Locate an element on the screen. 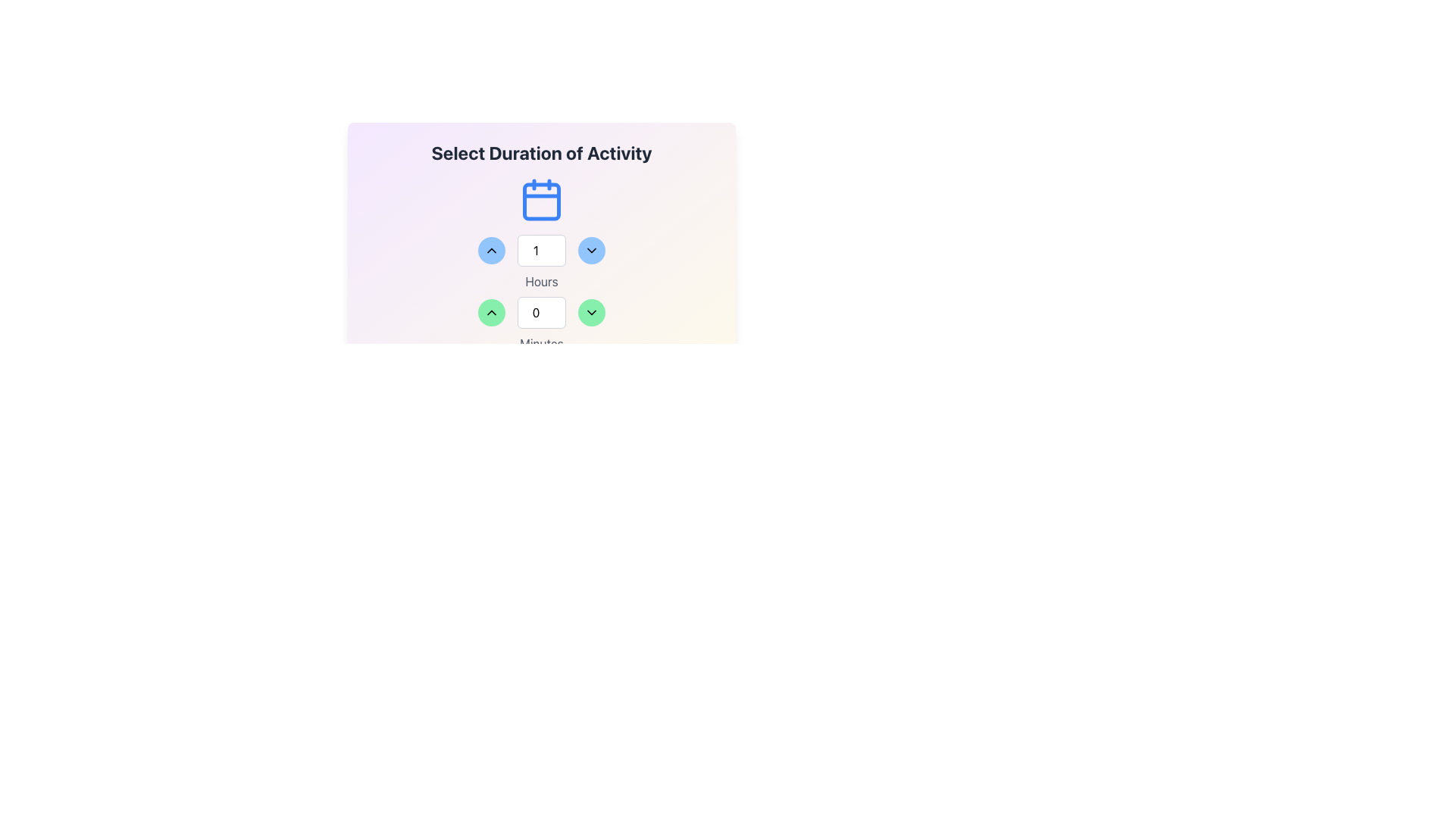  the icon embedded within the rounded green button to the right of the numeric field labeled 'Minutes' is located at coordinates (591, 311).